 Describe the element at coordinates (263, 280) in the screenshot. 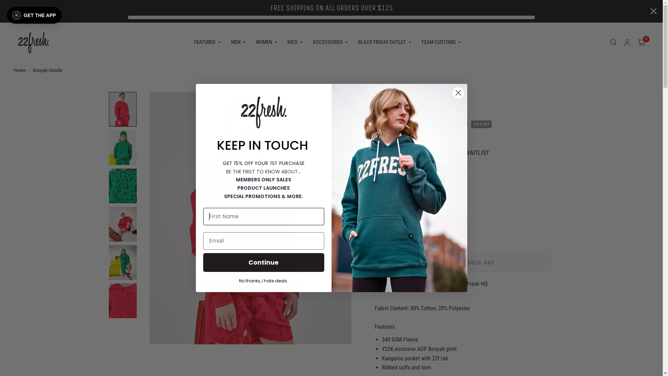

I see `'No thanks, I hate deals.'` at that location.